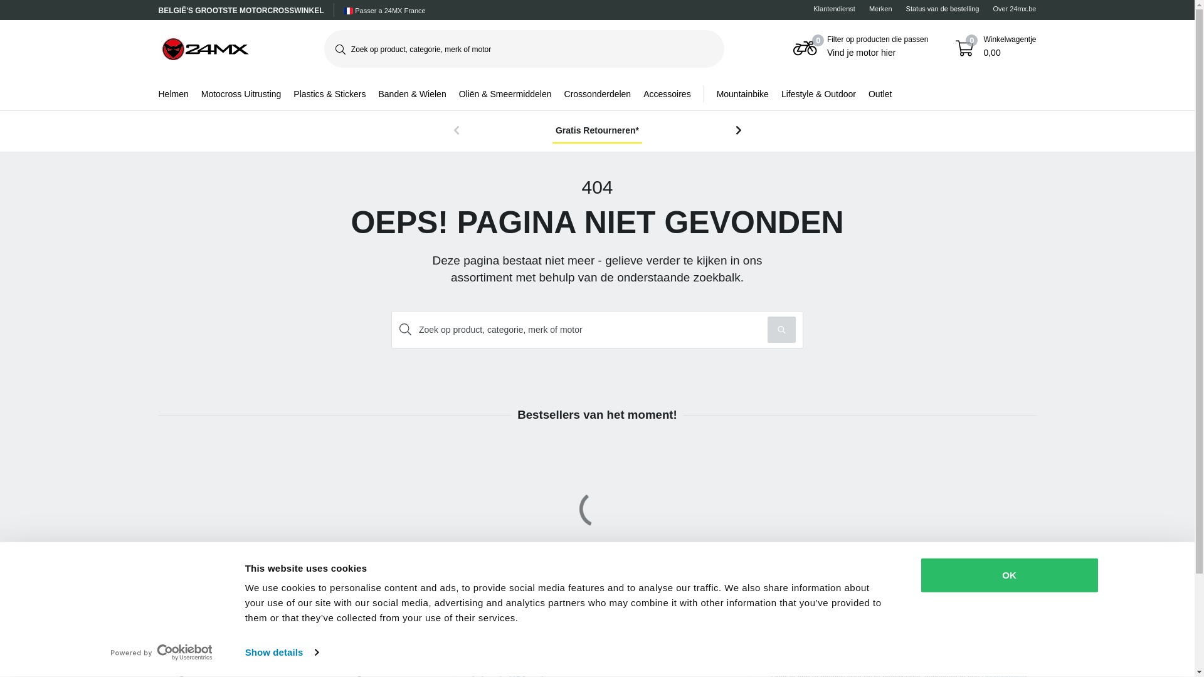 This screenshot has height=677, width=1204. I want to click on 'Motocross Uitrusting', so click(201, 93).